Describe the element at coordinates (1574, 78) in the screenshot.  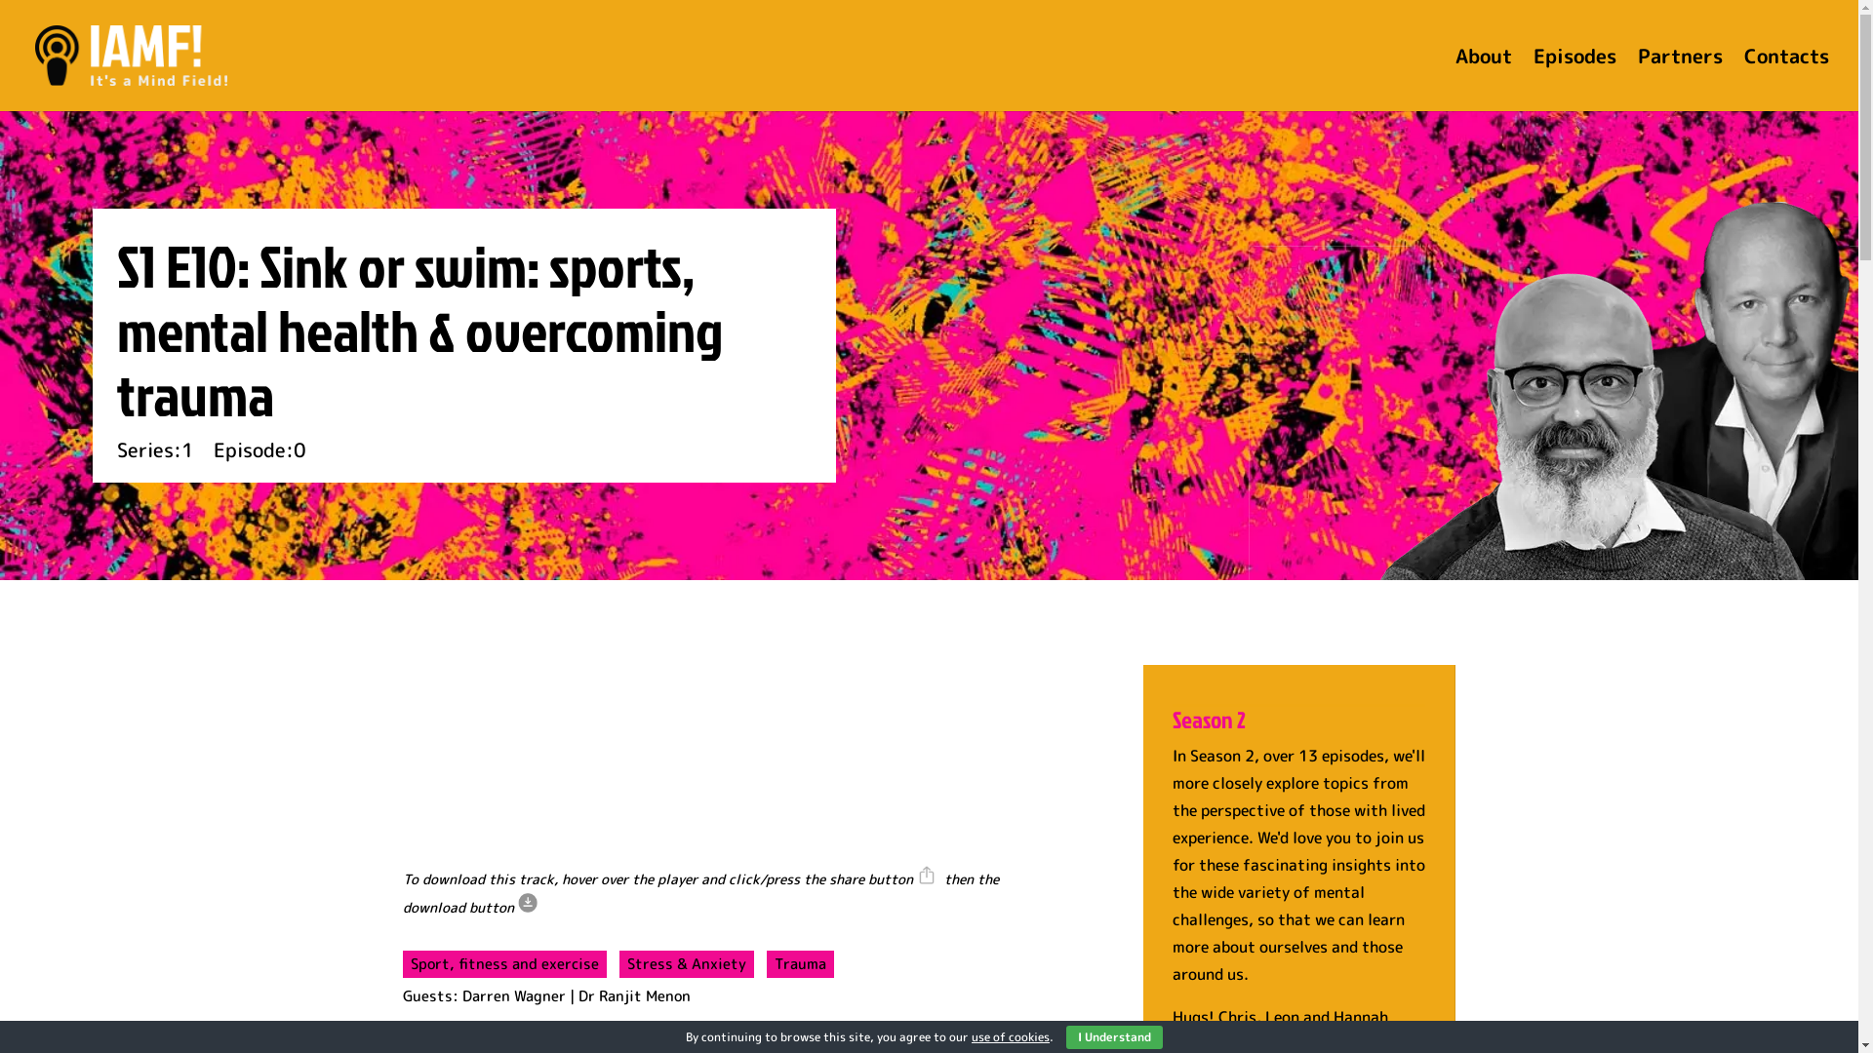
I see `'Episodes'` at that location.